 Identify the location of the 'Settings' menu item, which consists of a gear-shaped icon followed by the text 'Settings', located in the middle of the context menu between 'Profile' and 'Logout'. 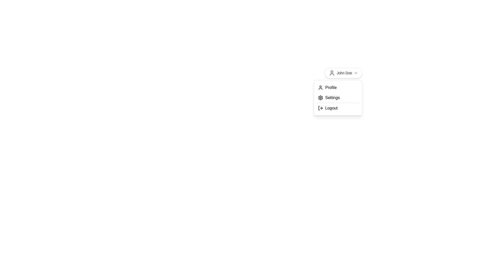
(338, 98).